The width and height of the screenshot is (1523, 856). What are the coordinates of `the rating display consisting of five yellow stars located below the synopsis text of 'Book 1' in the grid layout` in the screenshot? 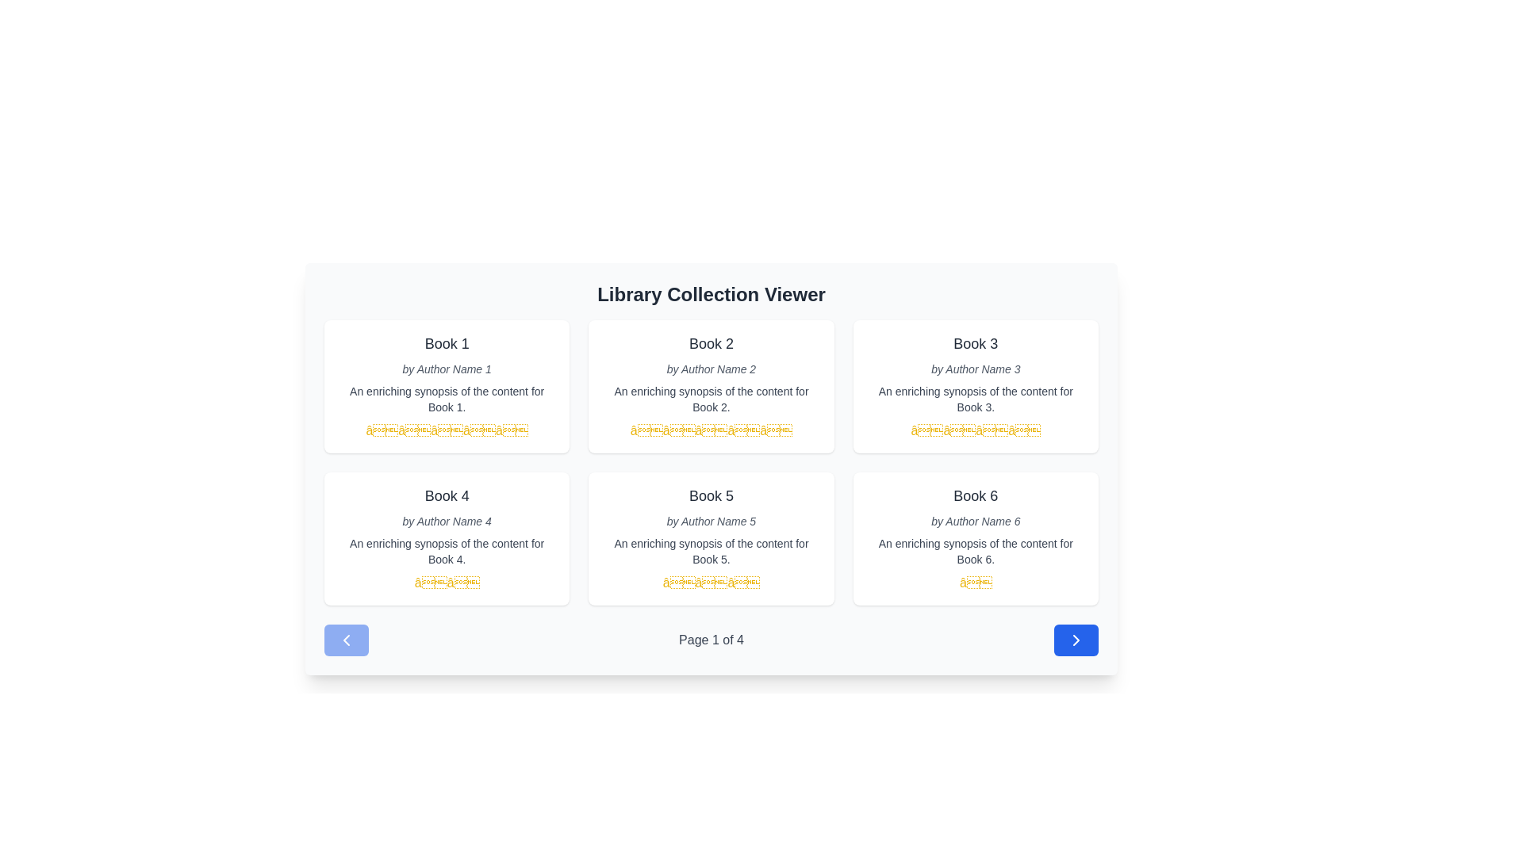 It's located at (446, 430).